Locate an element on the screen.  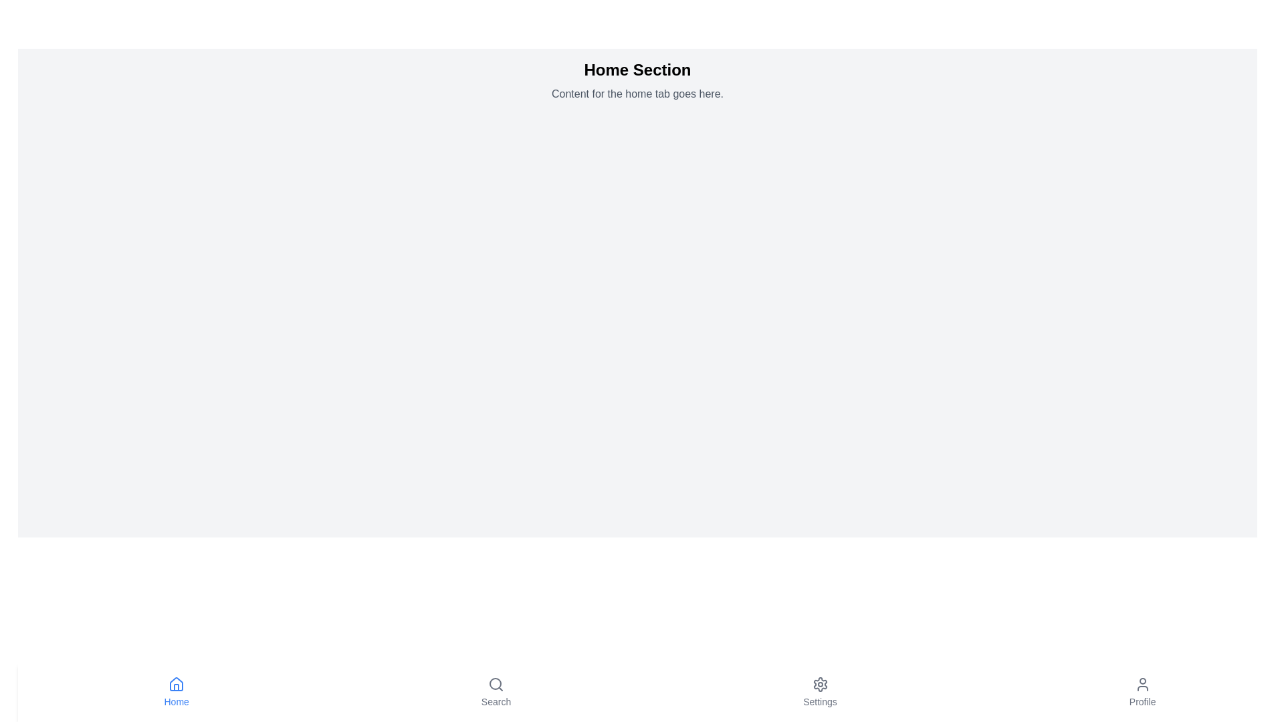
the text label displaying 'Search' which is styled in a small font size and is located beneath a magnifying glass icon in the bottom navigation bar is located at coordinates (496, 701).